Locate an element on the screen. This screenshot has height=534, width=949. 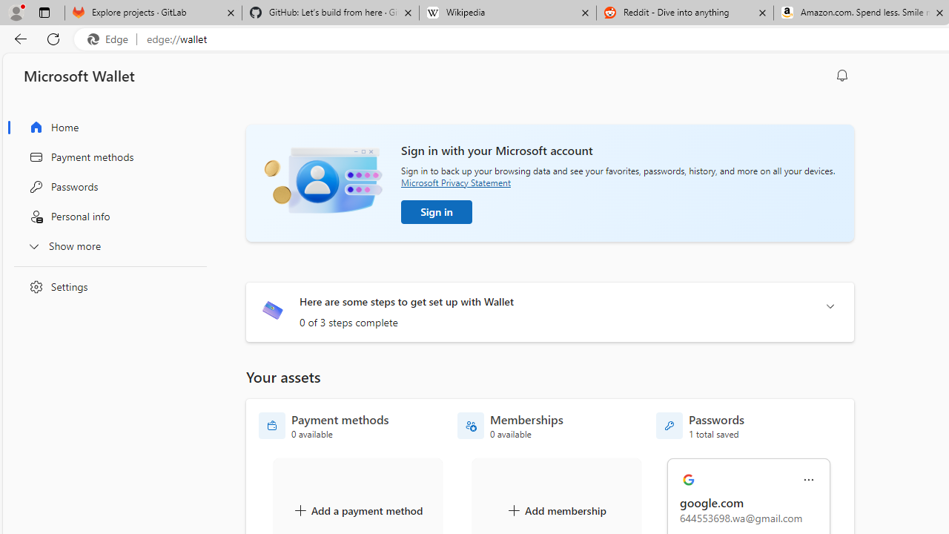
'Notification' is located at coordinates (842, 75).